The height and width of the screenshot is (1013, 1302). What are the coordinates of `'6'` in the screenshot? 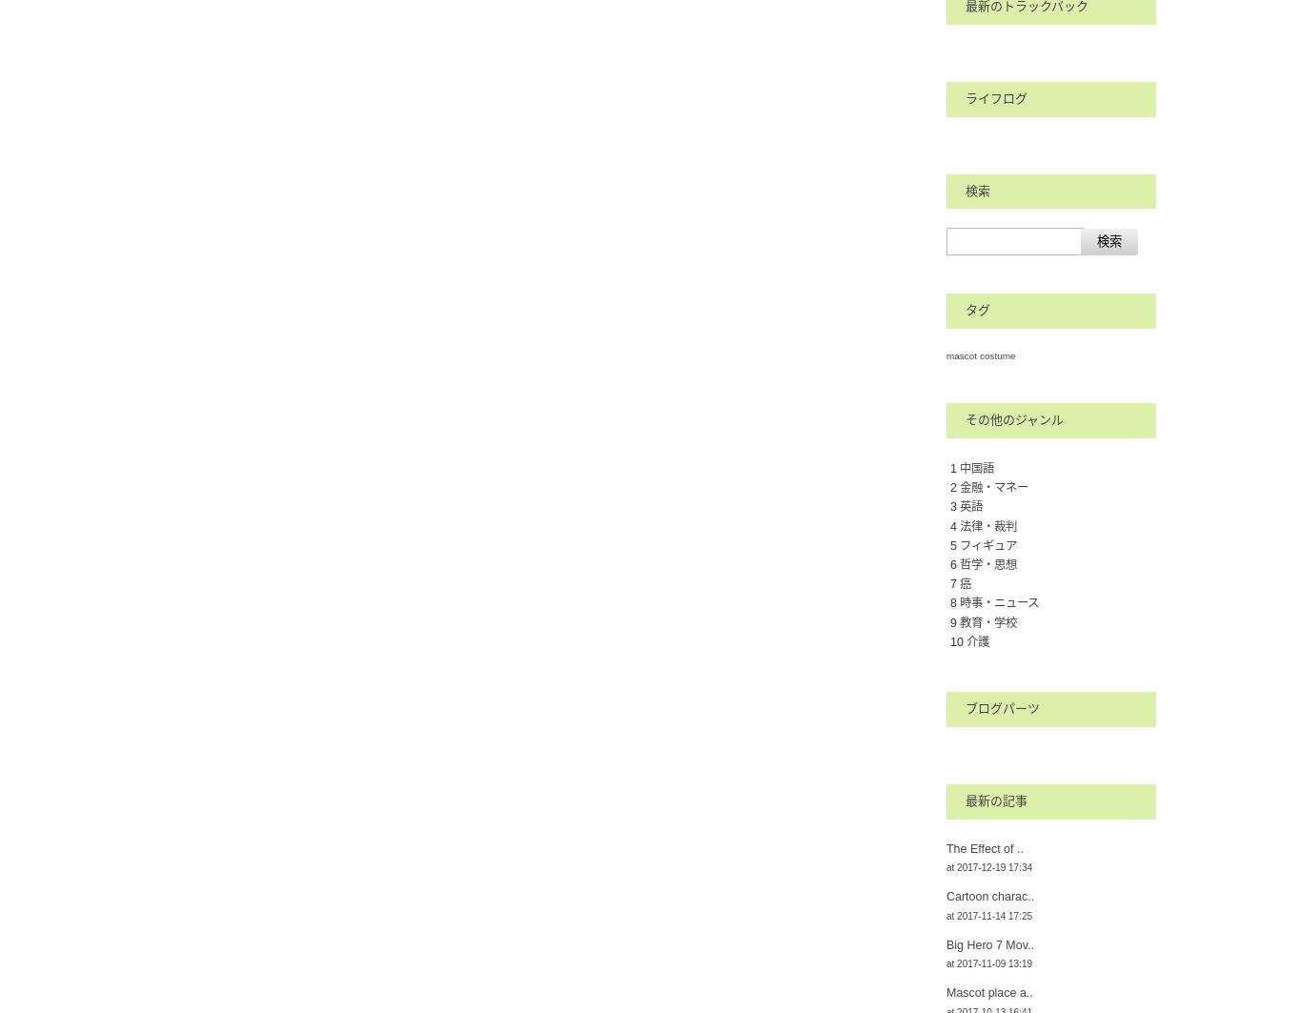 It's located at (950, 562).